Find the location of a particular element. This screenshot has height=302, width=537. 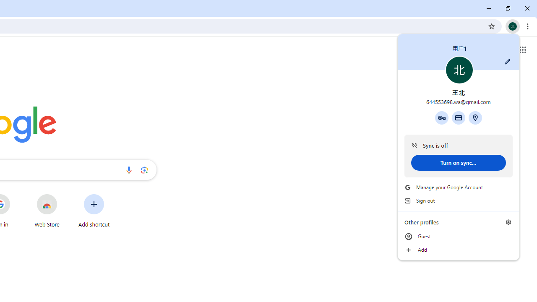

'Manage profiles' is located at coordinates (508, 221).